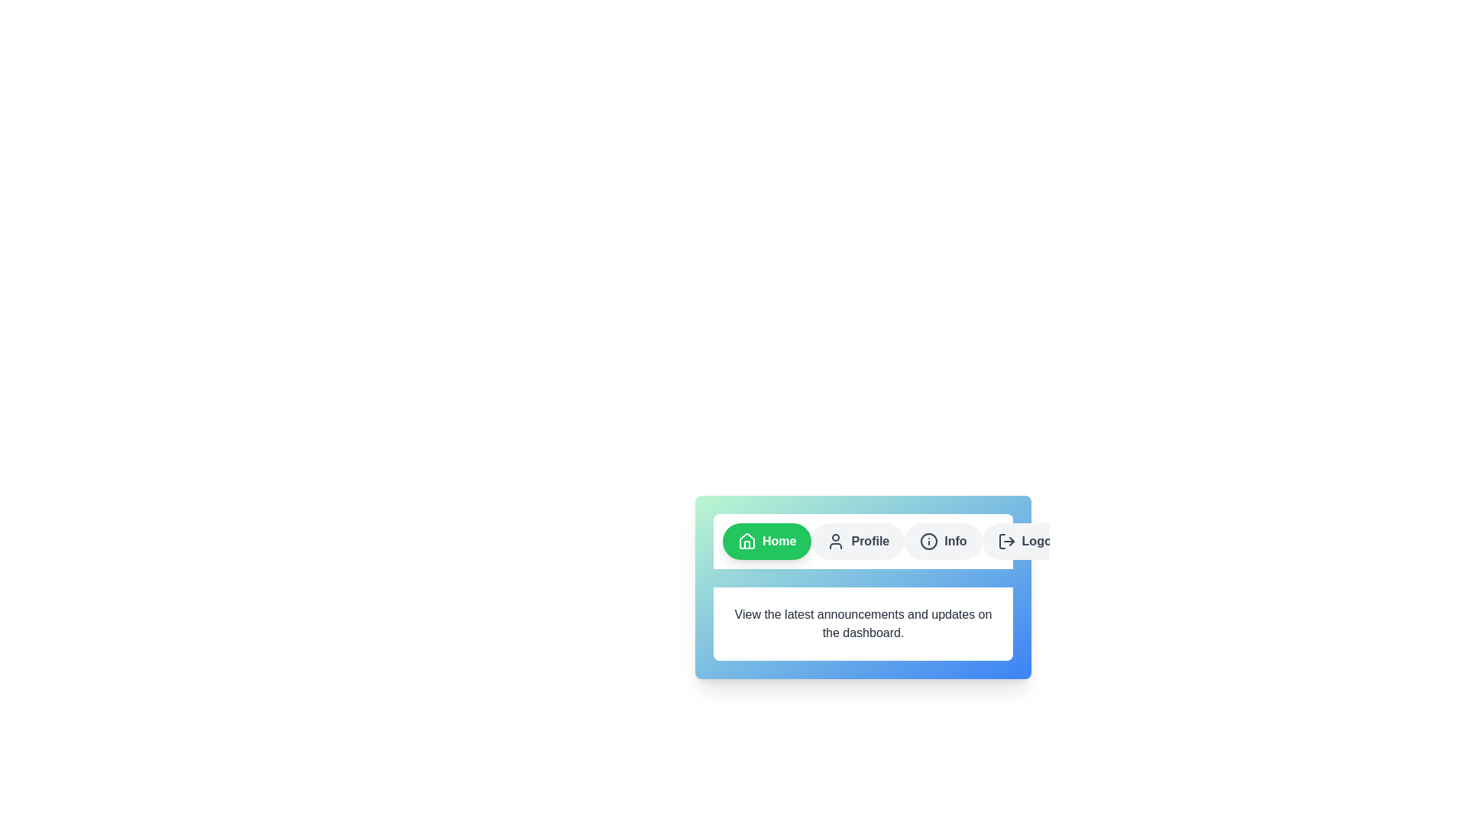  Describe the element at coordinates (942, 541) in the screenshot. I see `the third button in the horizontal menu located at the top center of the interface` at that location.